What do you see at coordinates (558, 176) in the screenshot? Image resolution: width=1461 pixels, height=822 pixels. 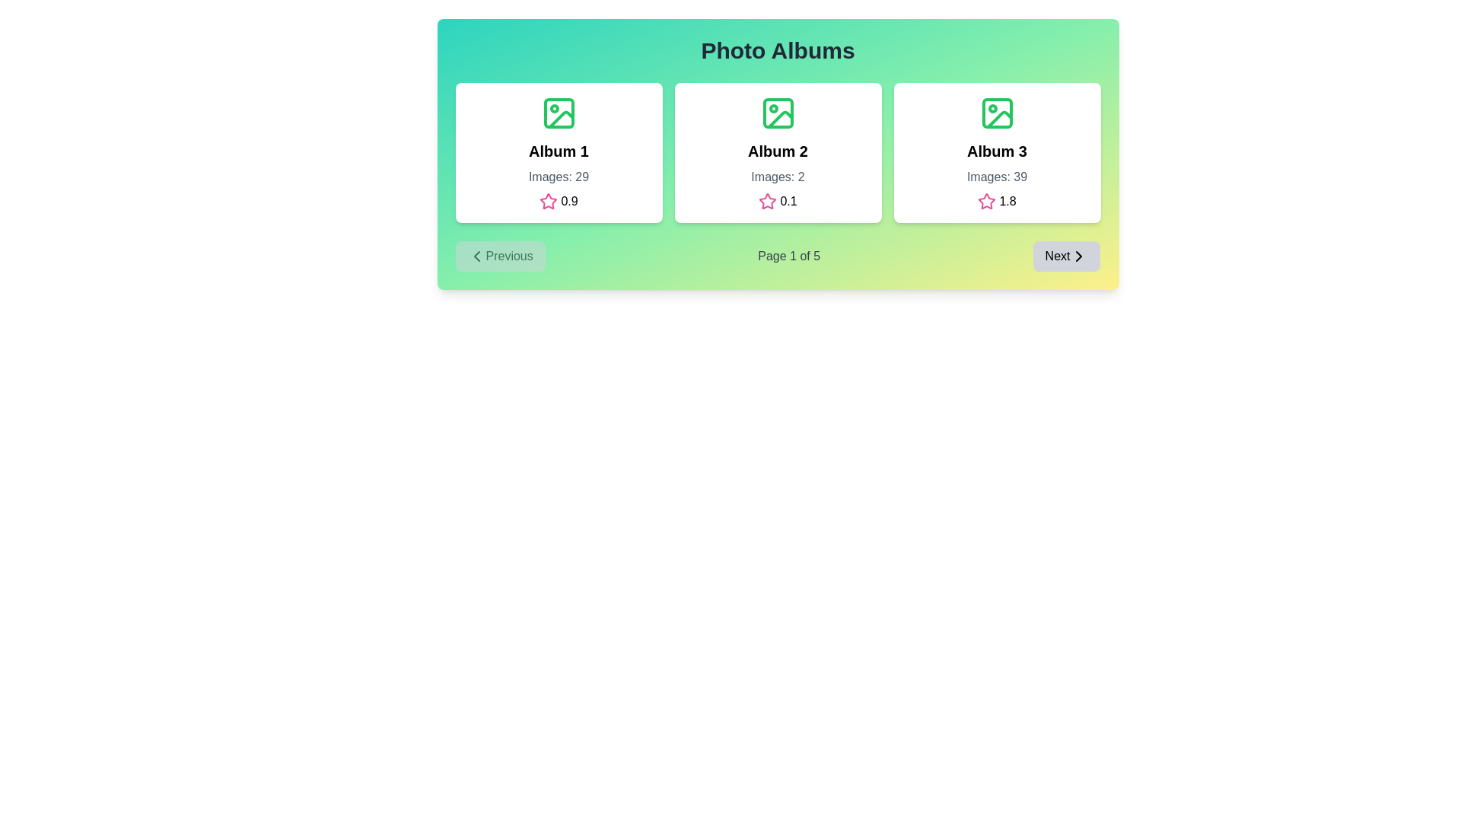 I see `the static text label that displays the number of images available in the album, positioned beneath the 'Album 1' title within the leftmost card of the interface` at bounding box center [558, 176].